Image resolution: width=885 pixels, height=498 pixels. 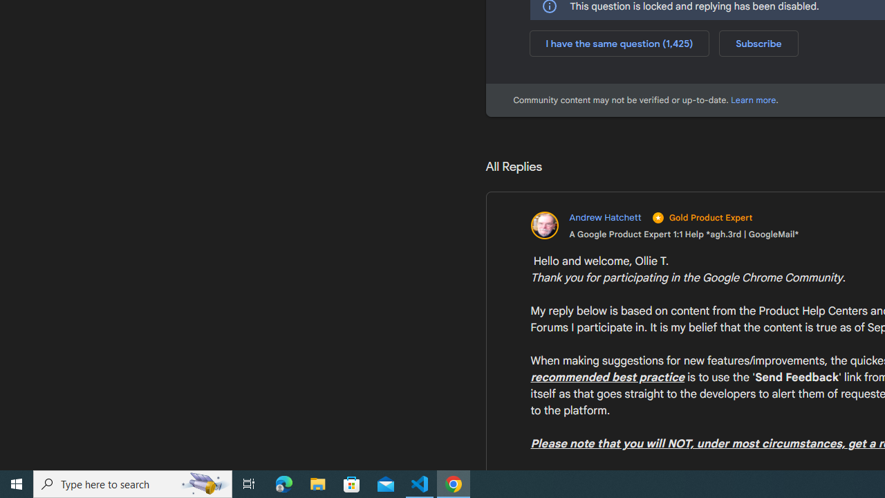 What do you see at coordinates (619, 42) in the screenshot?
I see `'I have the same question (1,425)'` at bounding box center [619, 42].